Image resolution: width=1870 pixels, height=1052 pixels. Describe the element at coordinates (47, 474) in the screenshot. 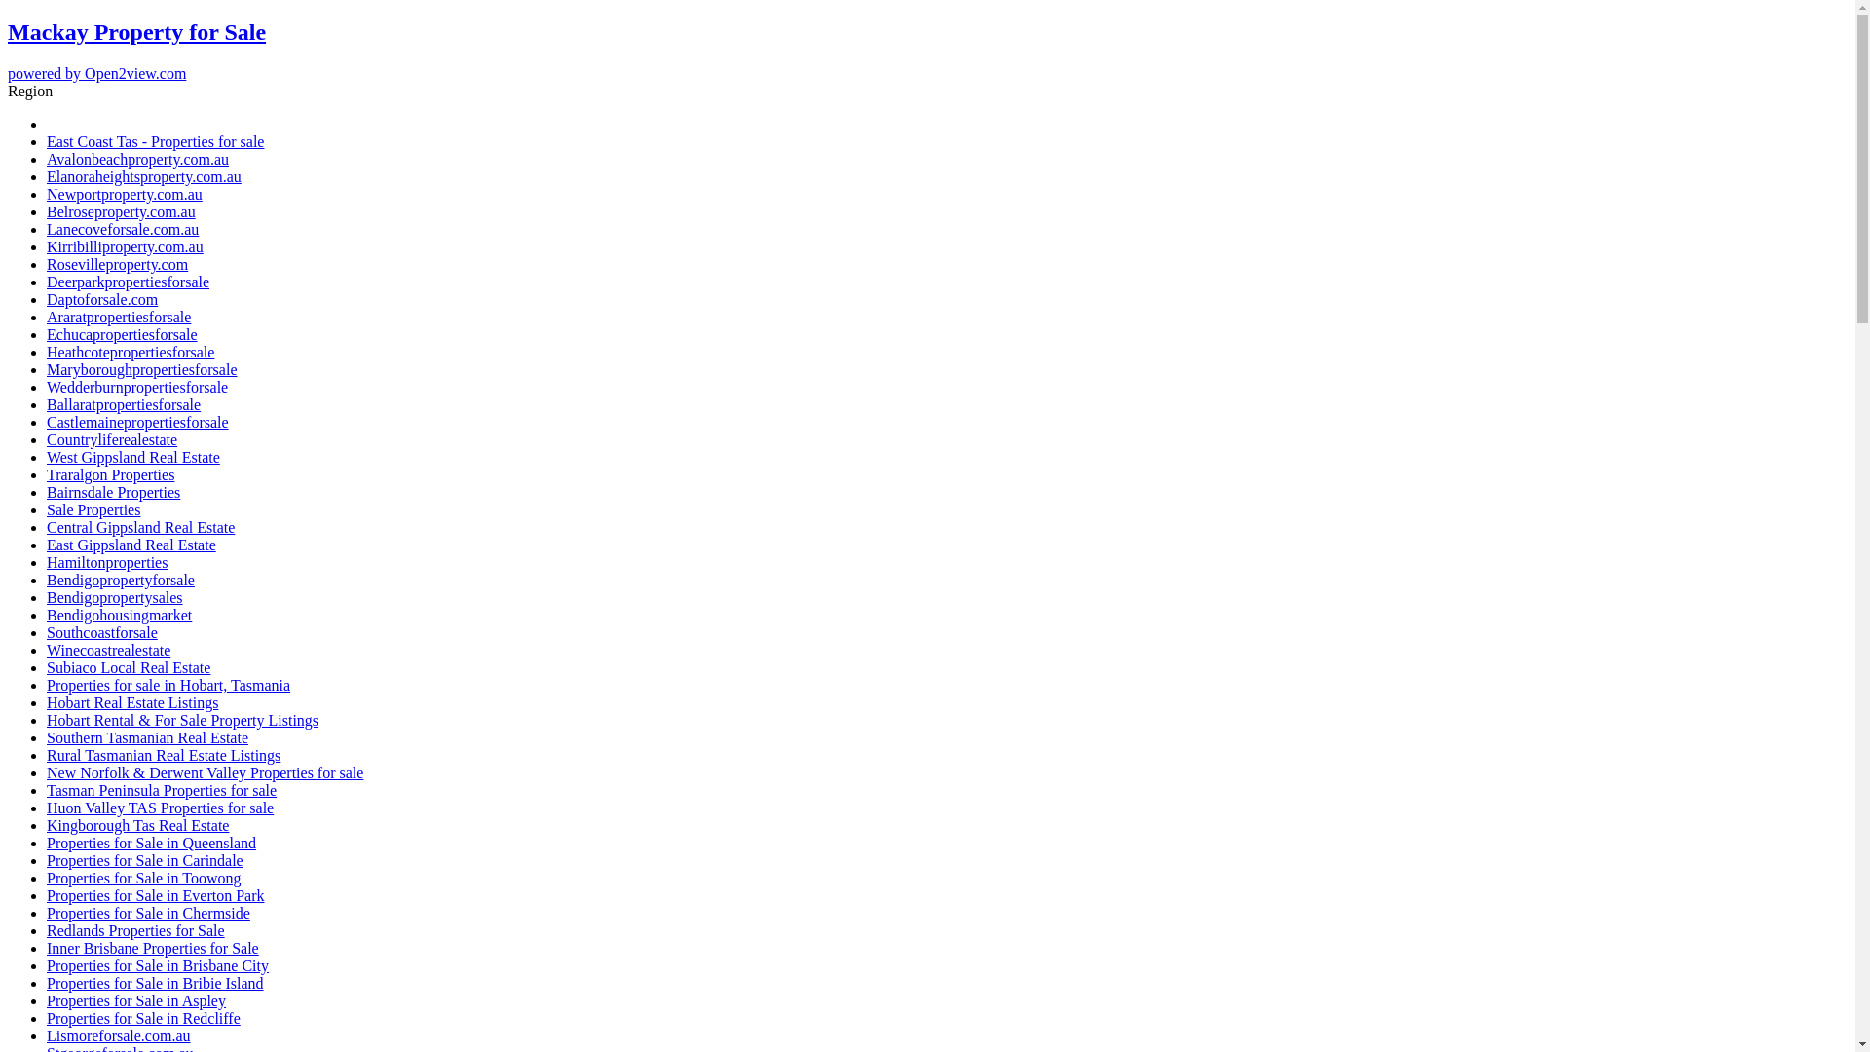

I see `'Traralgon Properties'` at that location.